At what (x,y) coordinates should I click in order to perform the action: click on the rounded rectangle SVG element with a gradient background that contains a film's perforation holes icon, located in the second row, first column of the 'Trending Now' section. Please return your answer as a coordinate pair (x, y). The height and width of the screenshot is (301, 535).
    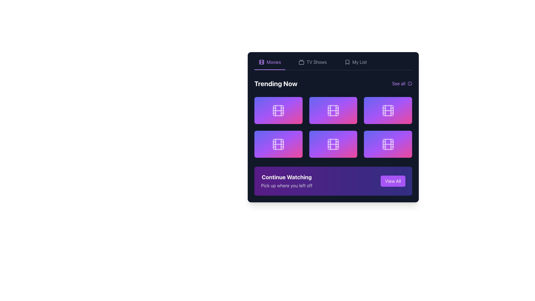
    Looking at the image, I should click on (278, 144).